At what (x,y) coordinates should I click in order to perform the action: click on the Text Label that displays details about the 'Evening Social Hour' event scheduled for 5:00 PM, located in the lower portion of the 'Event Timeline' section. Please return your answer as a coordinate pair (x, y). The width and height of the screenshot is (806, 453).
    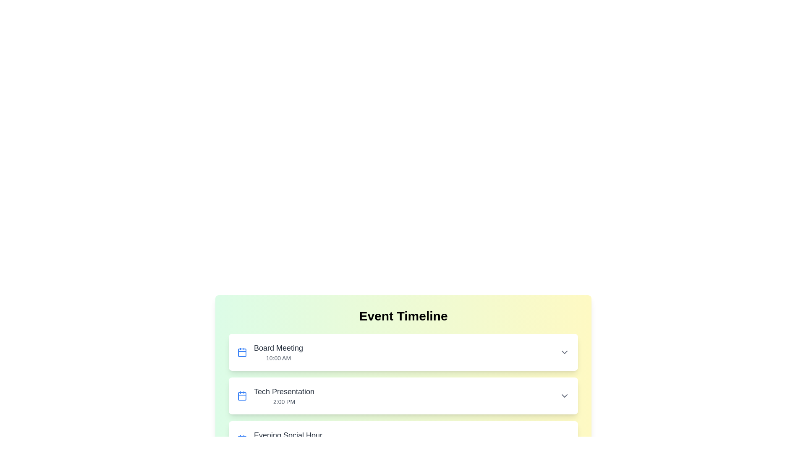
    Looking at the image, I should click on (280, 439).